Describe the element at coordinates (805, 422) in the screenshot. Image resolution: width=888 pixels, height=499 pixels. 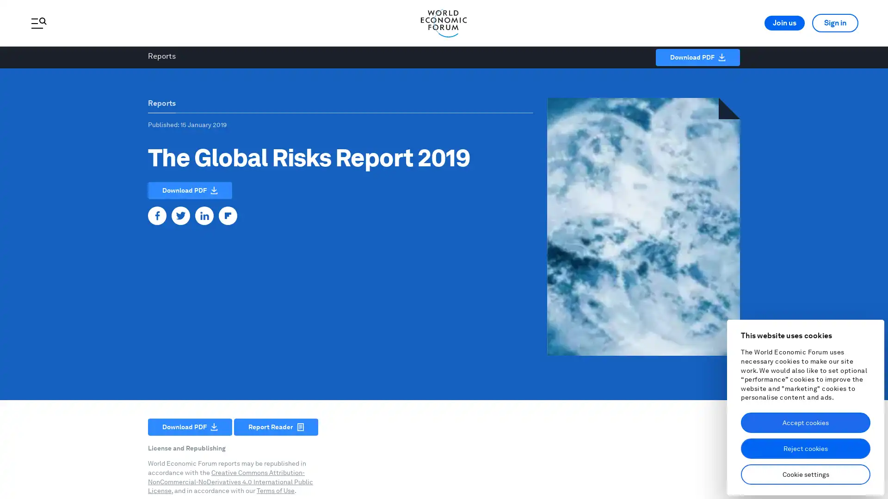
I see `Accept cookies` at that location.